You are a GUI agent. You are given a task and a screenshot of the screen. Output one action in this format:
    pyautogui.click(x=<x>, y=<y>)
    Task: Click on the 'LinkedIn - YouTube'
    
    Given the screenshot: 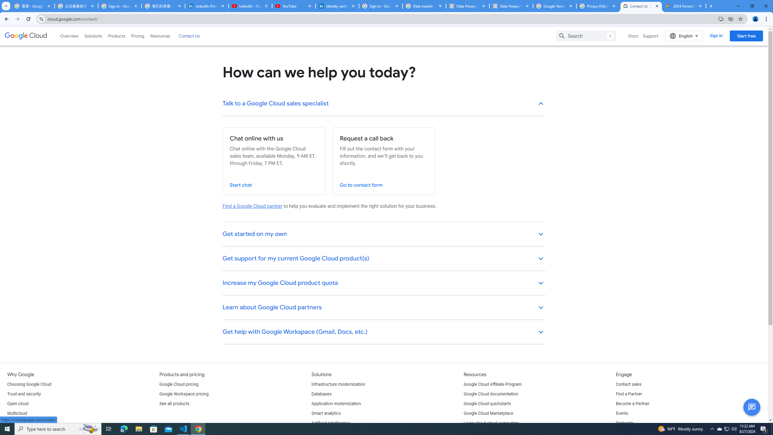 What is the action you would take?
    pyautogui.click(x=250, y=6)
    